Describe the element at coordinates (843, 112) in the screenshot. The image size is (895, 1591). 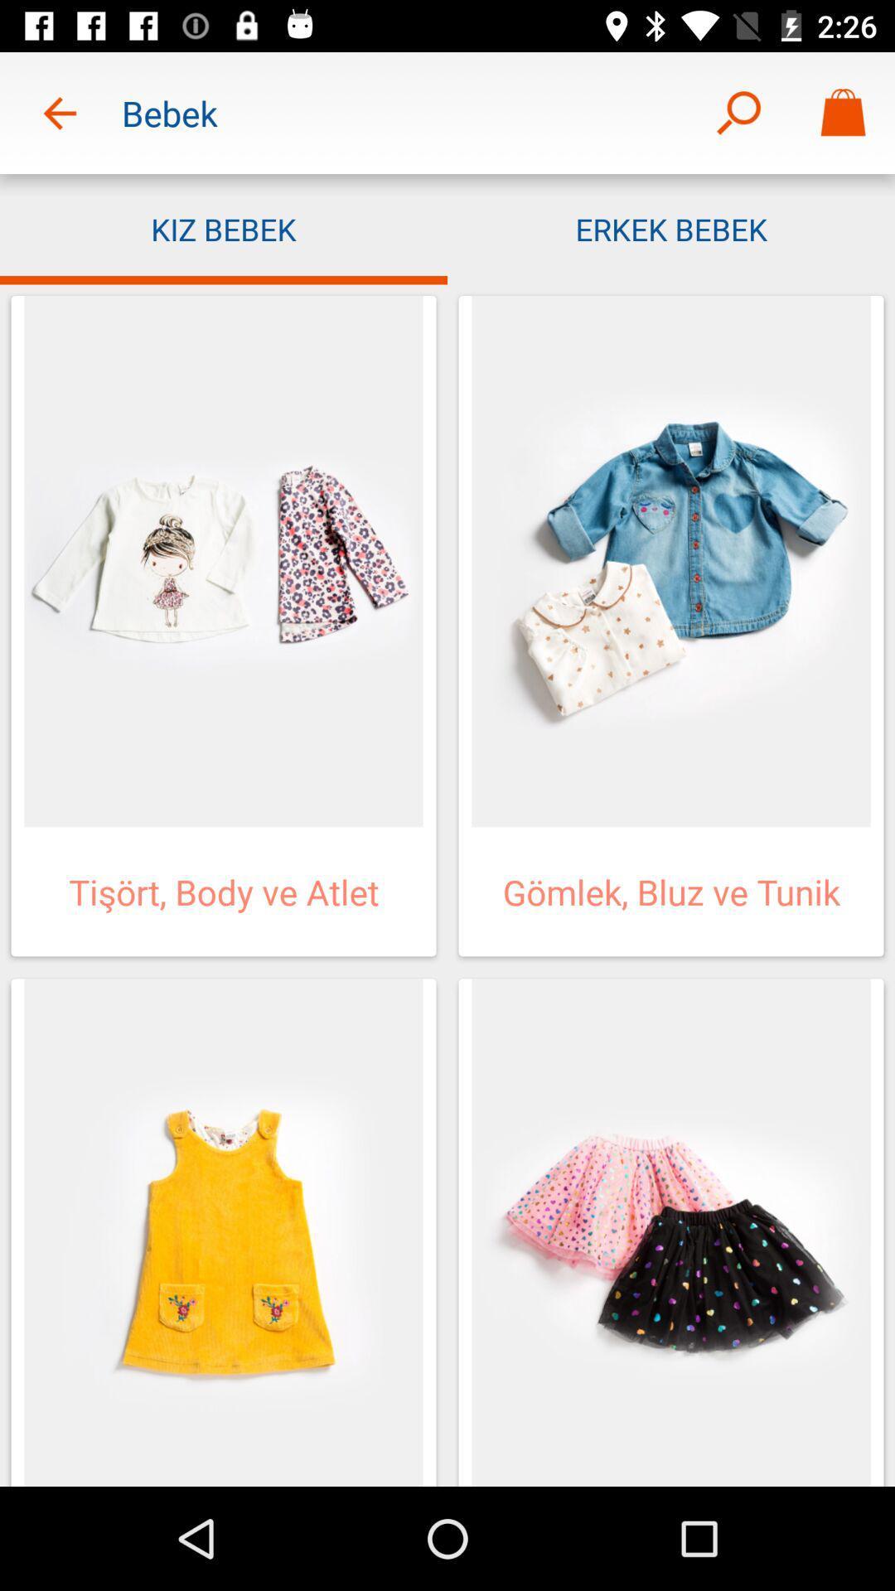
I see `icon above the erkek bebek icon` at that location.